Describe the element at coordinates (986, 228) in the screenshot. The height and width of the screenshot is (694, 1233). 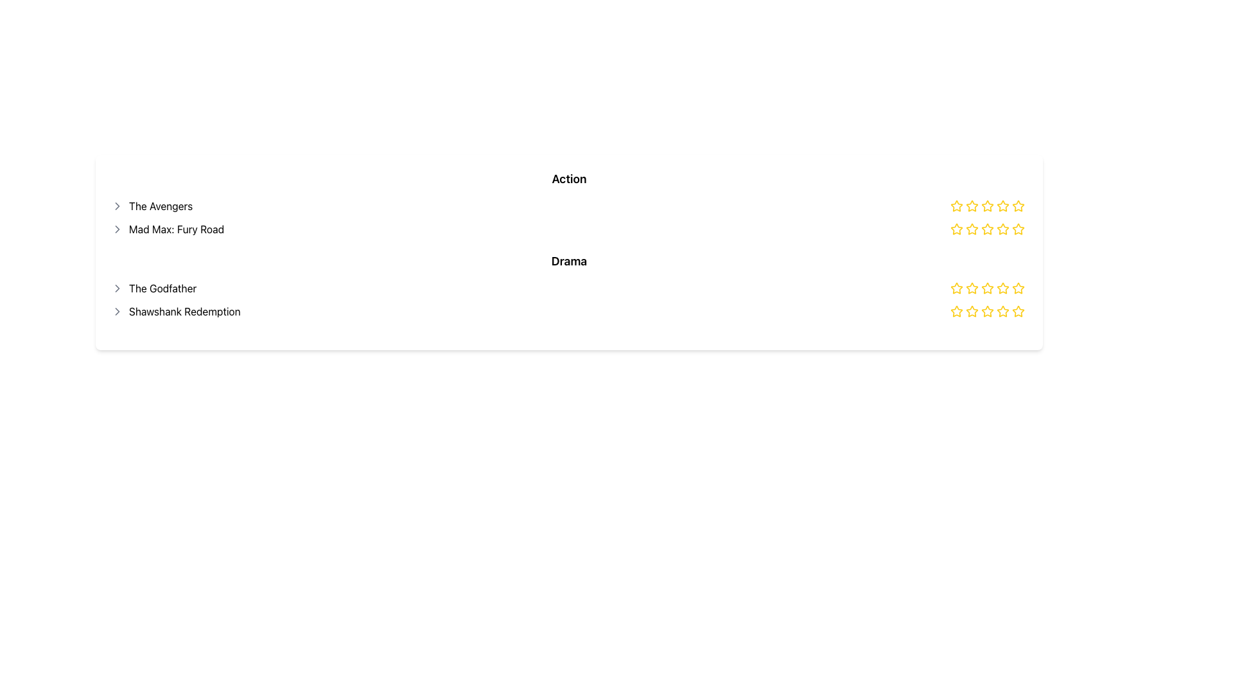
I see `the third star from the left in the rating section for the movie 'Mad Max: Fury Road', styled with a golden-yellow stroke` at that location.